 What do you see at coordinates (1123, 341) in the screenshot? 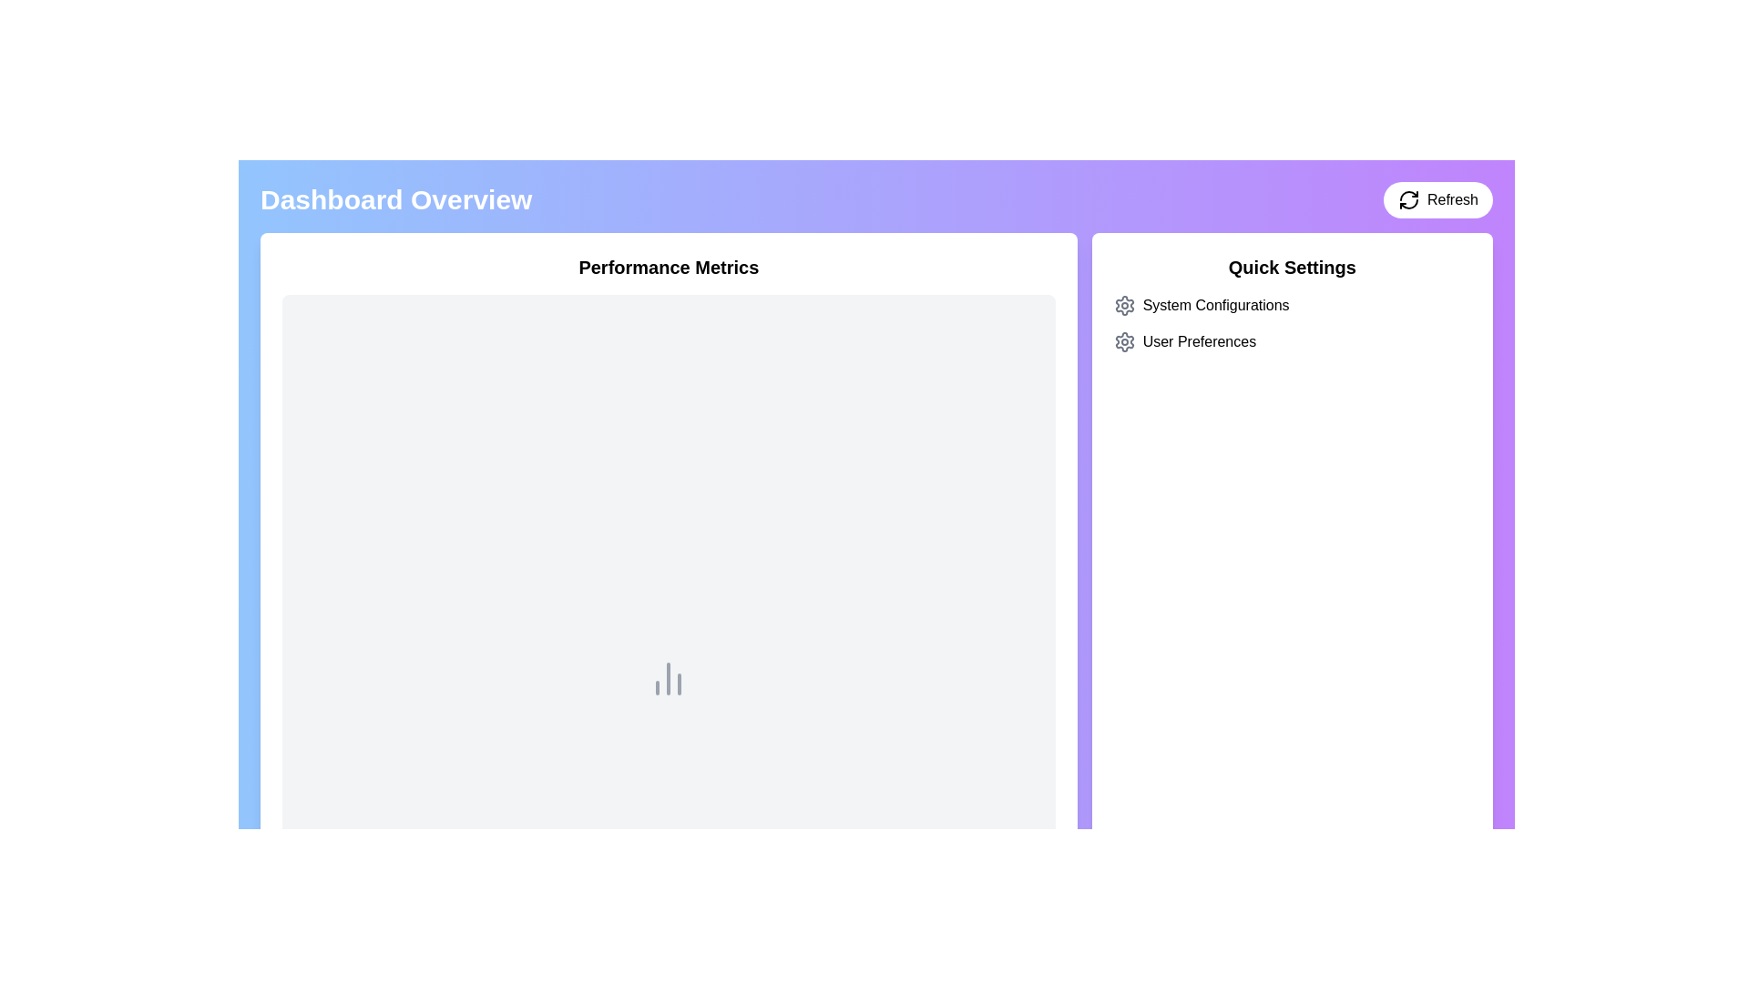
I see `the gear-shaped icon representing settings, located on the top-right side of the interface under the Quick Settings heading, next to 'System Configurations'` at bounding box center [1123, 341].